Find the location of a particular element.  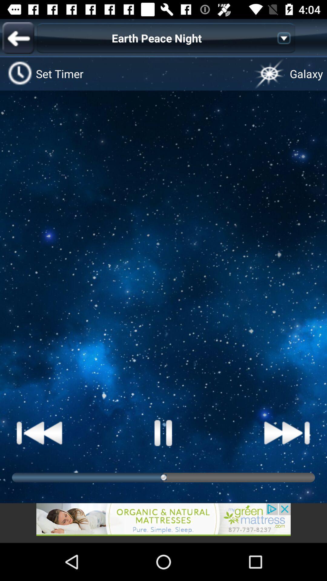

stop playing button is located at coordinates (163, 432).